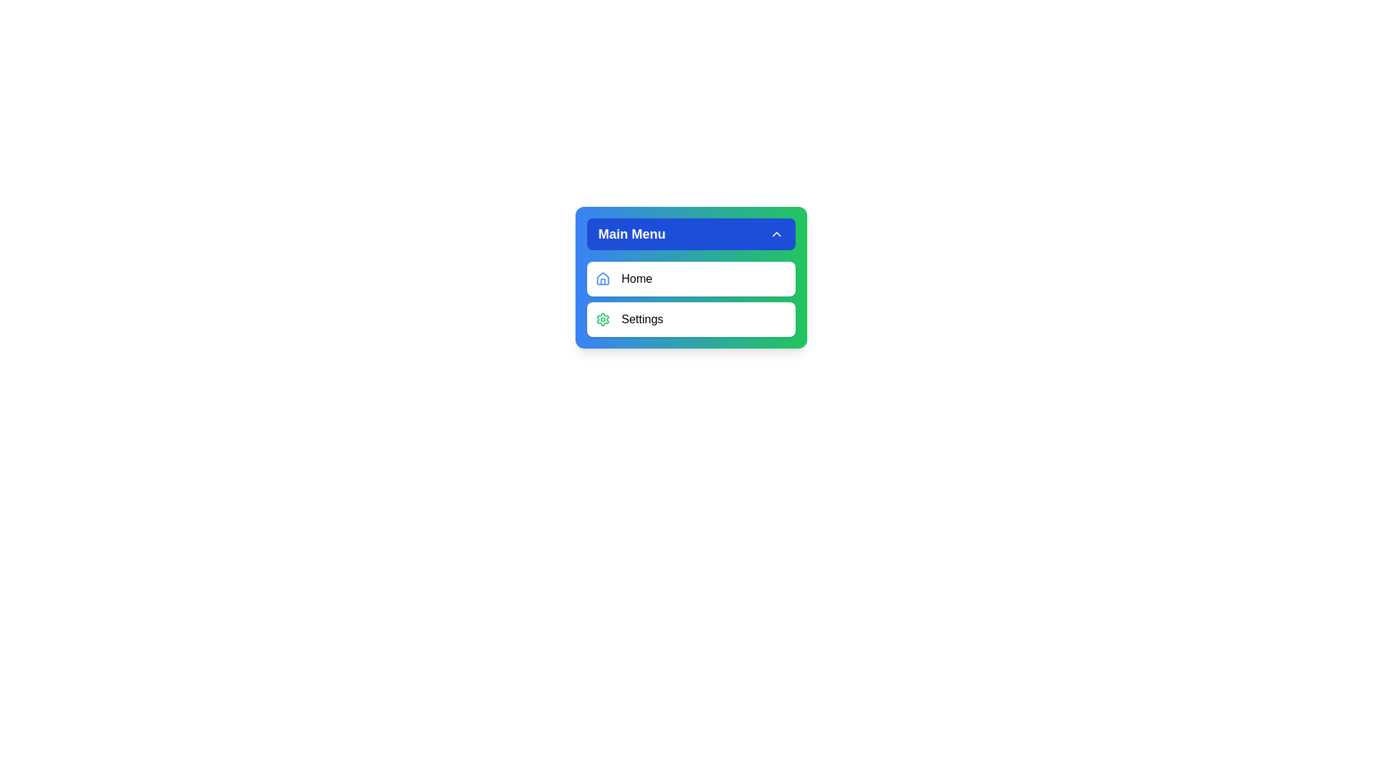  I want to click on the upward-pointing chevron icon styled in white with a blue background, located on the right side of the 'Main Menu' header, so click(775, 234).